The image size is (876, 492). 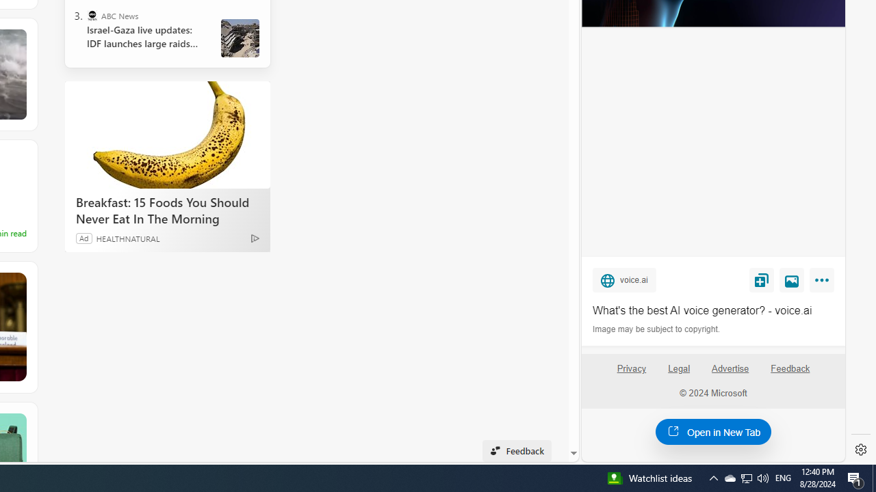 What do you see at coordinates (729, 368) in the screenshot?
I see `'Advertise'` at bounding box center [729, 368].